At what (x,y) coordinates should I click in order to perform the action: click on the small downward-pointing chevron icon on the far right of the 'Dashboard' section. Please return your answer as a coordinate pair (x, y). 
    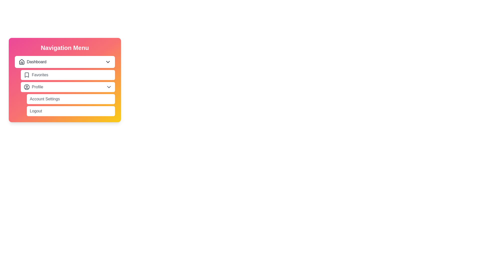
    Looking at the image, I should click on (108, 61).